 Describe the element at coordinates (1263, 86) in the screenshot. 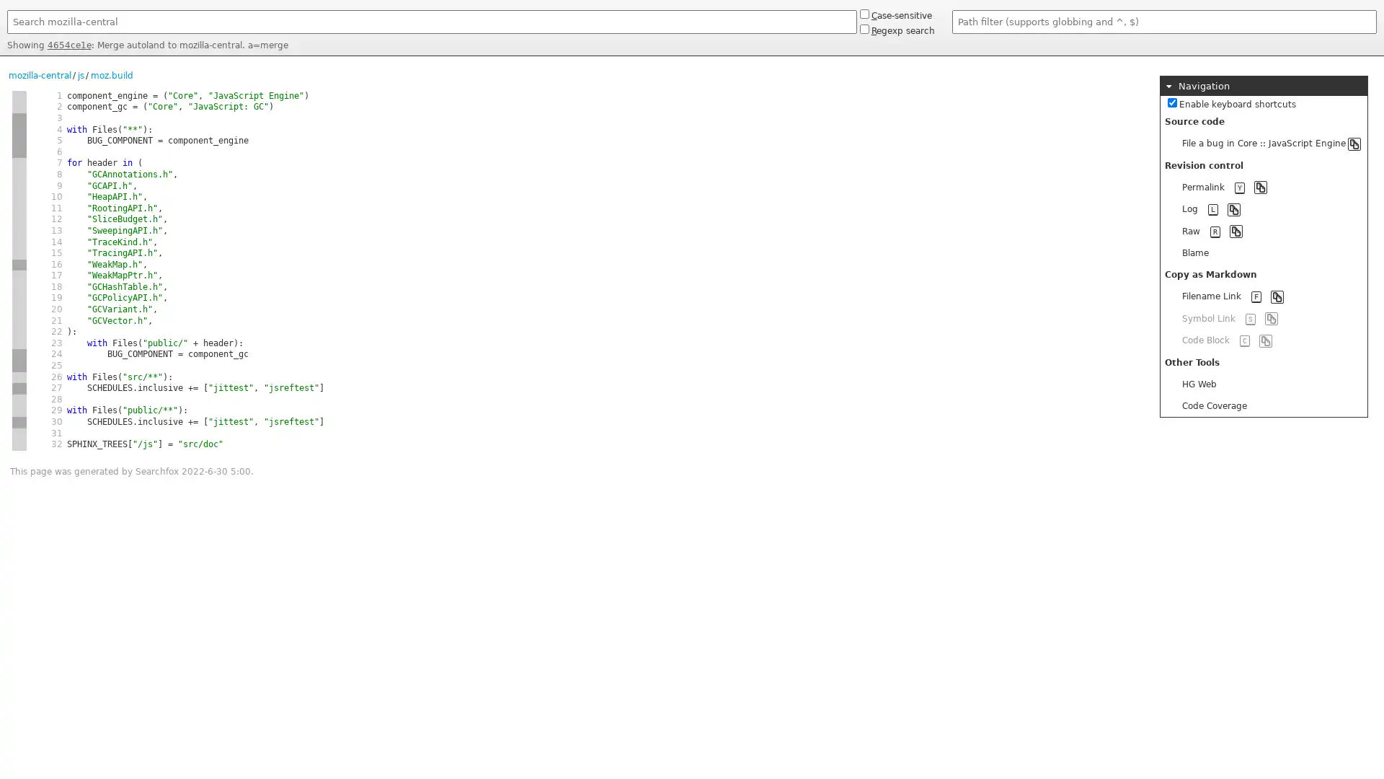

I see `Navigation` at that location.